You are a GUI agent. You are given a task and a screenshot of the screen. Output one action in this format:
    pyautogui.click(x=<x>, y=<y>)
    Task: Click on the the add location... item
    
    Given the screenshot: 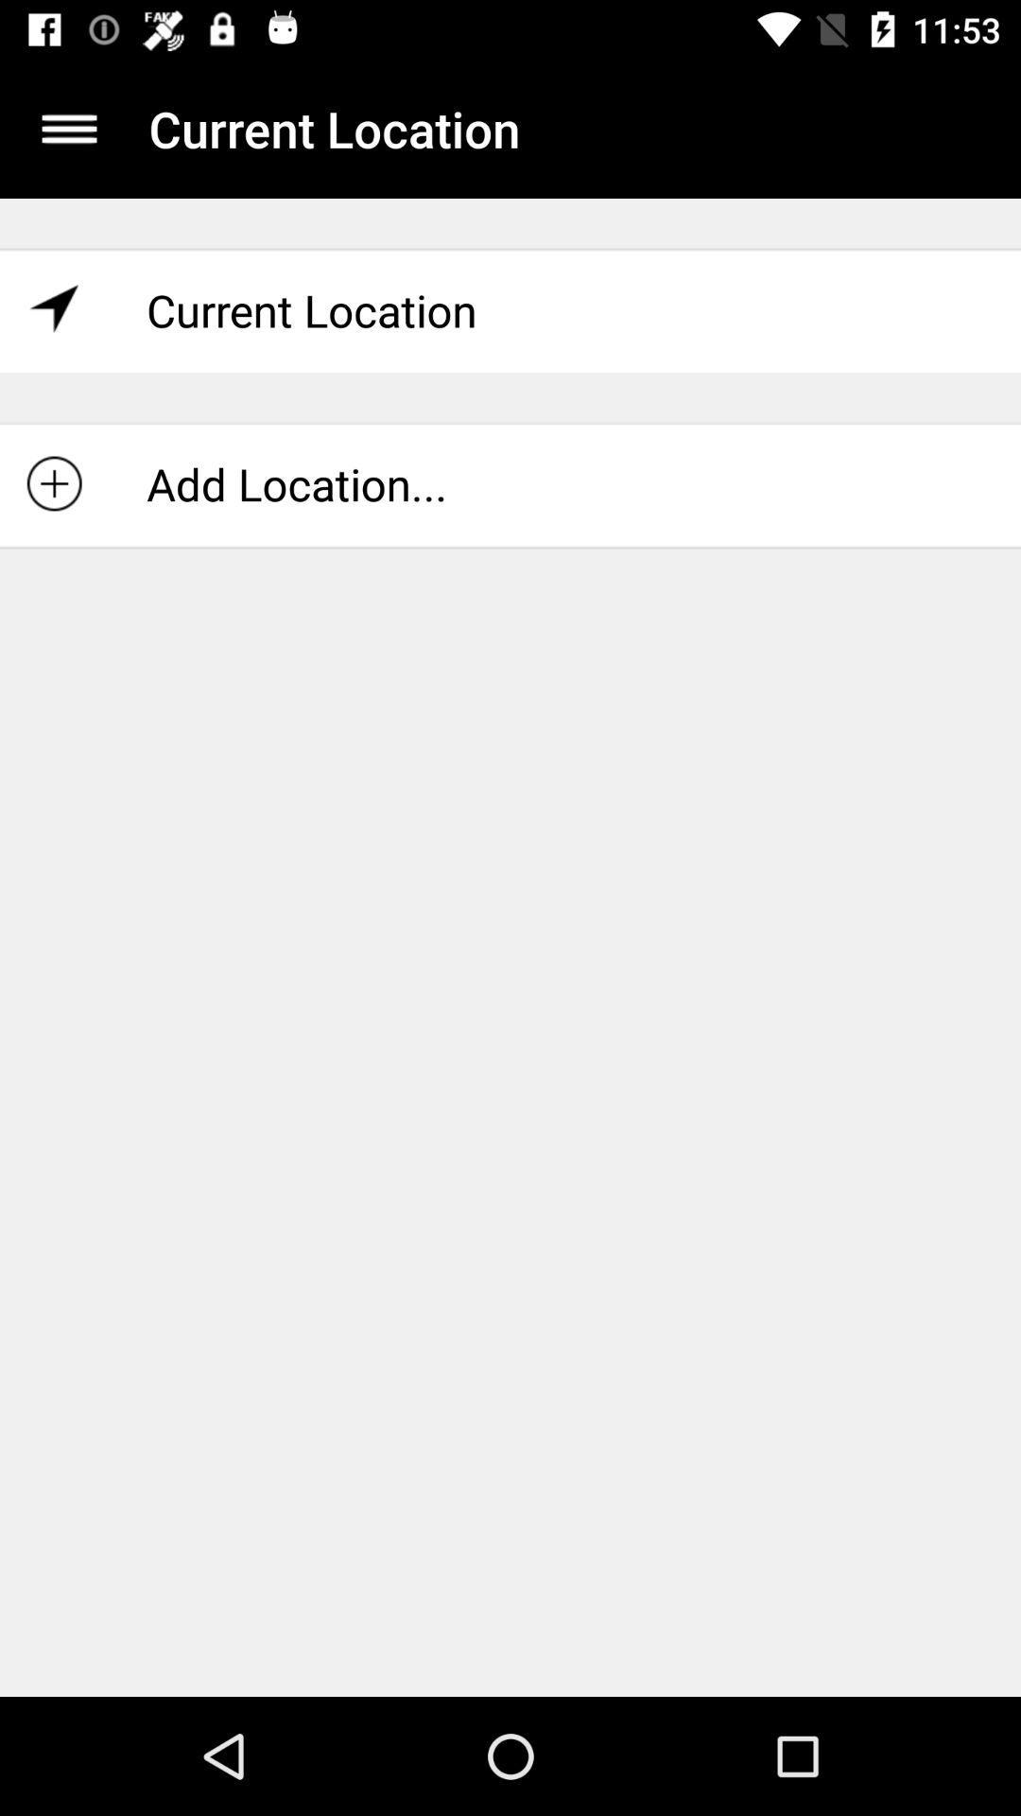 What is the action you would take?
    pyautogui.click(x=510, y=483)
    